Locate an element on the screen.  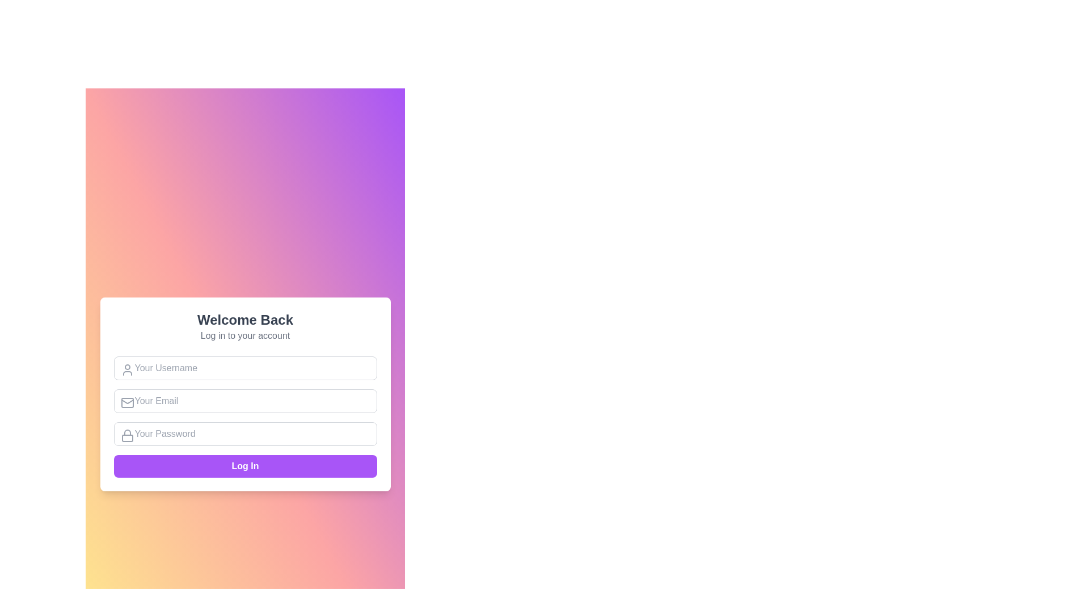
the lock icon that represents security or password-related functionality, which is positioned to the left of the 'Your Password' input box is located at coordinates (127, 435).